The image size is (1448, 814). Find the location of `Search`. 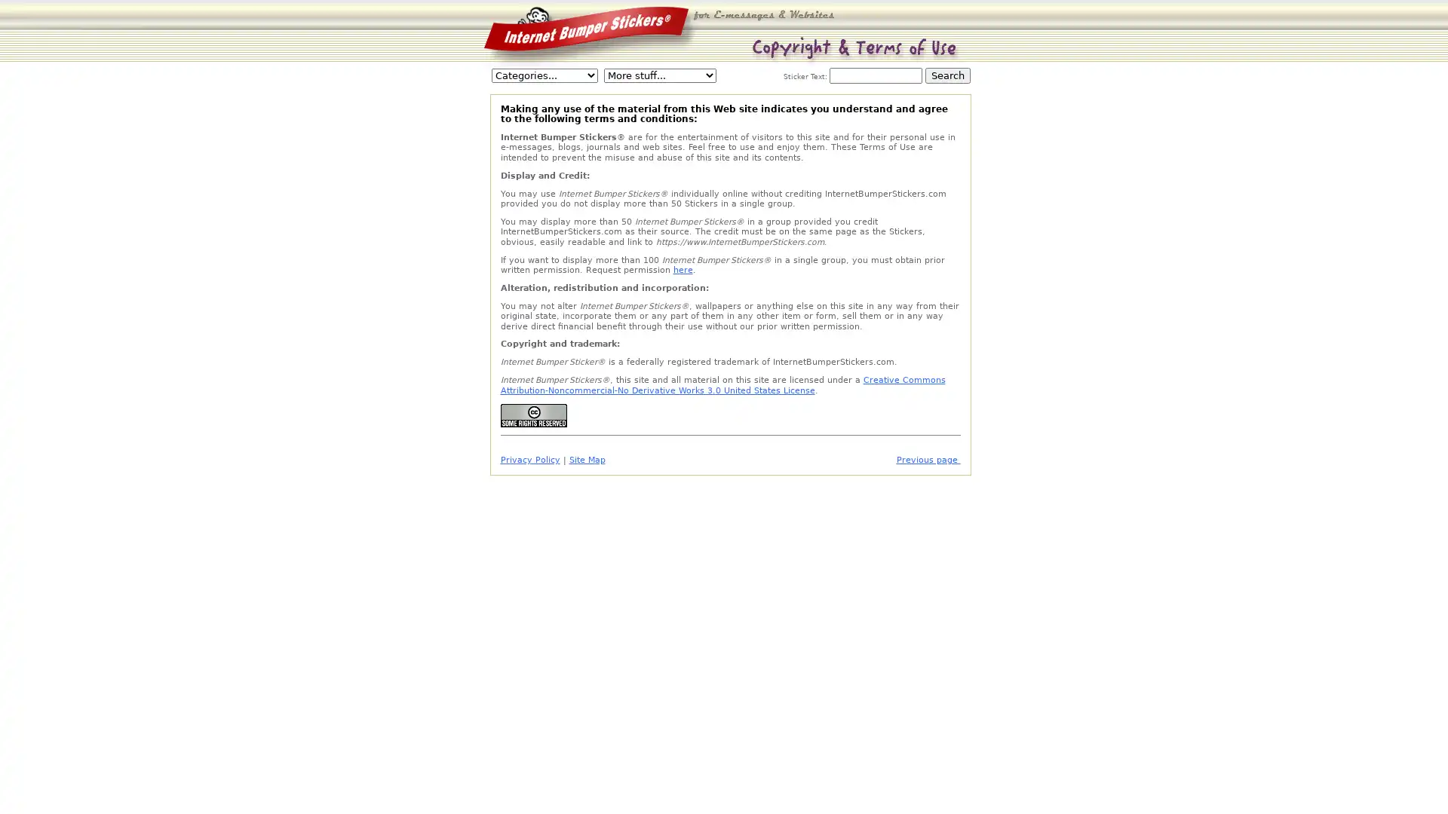

Search is located at coordinates (947, 75).